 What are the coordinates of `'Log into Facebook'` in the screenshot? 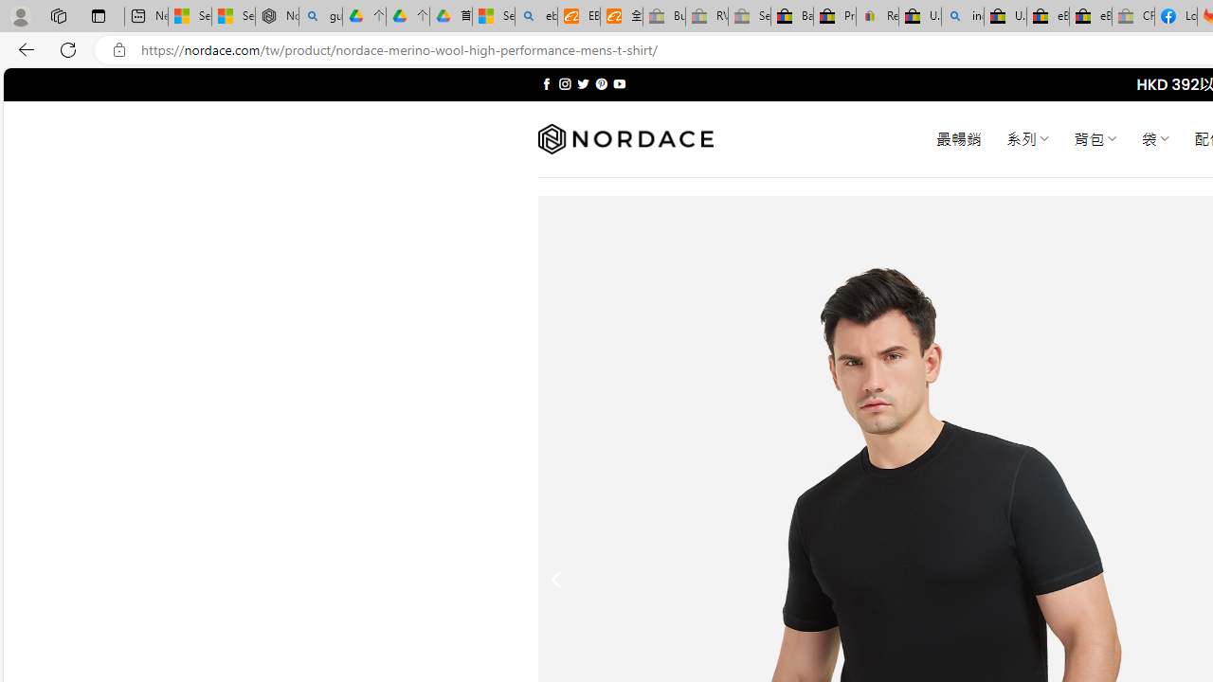 It's located at (1174, 16).